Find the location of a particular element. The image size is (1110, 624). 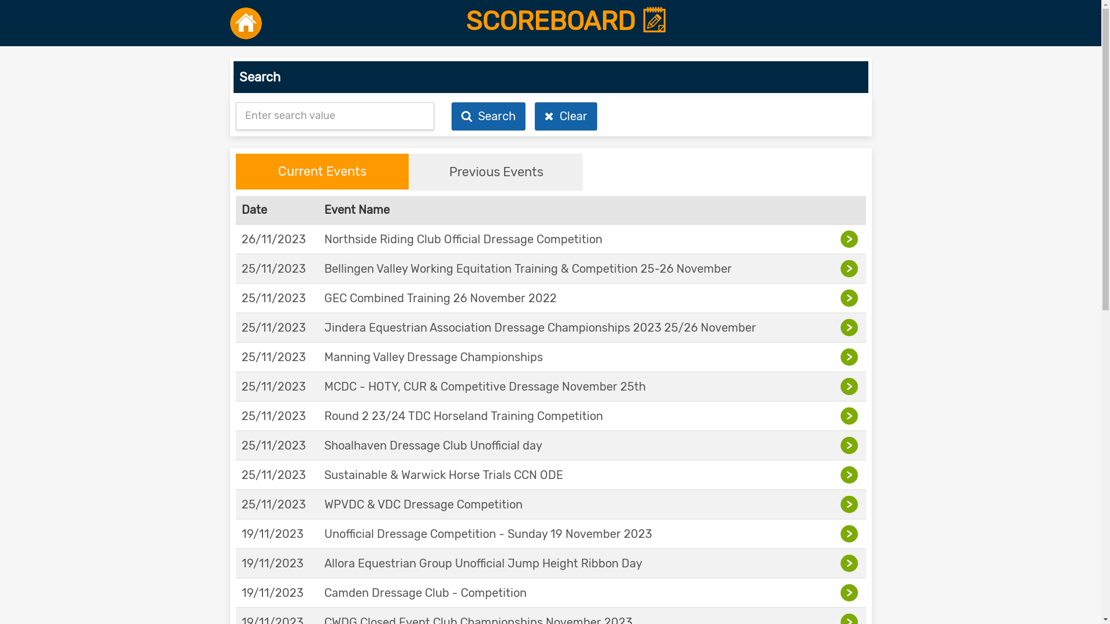

'Sustainable & Warwick Horse Trials CCN ODE' is located at coordinates (443, 474).